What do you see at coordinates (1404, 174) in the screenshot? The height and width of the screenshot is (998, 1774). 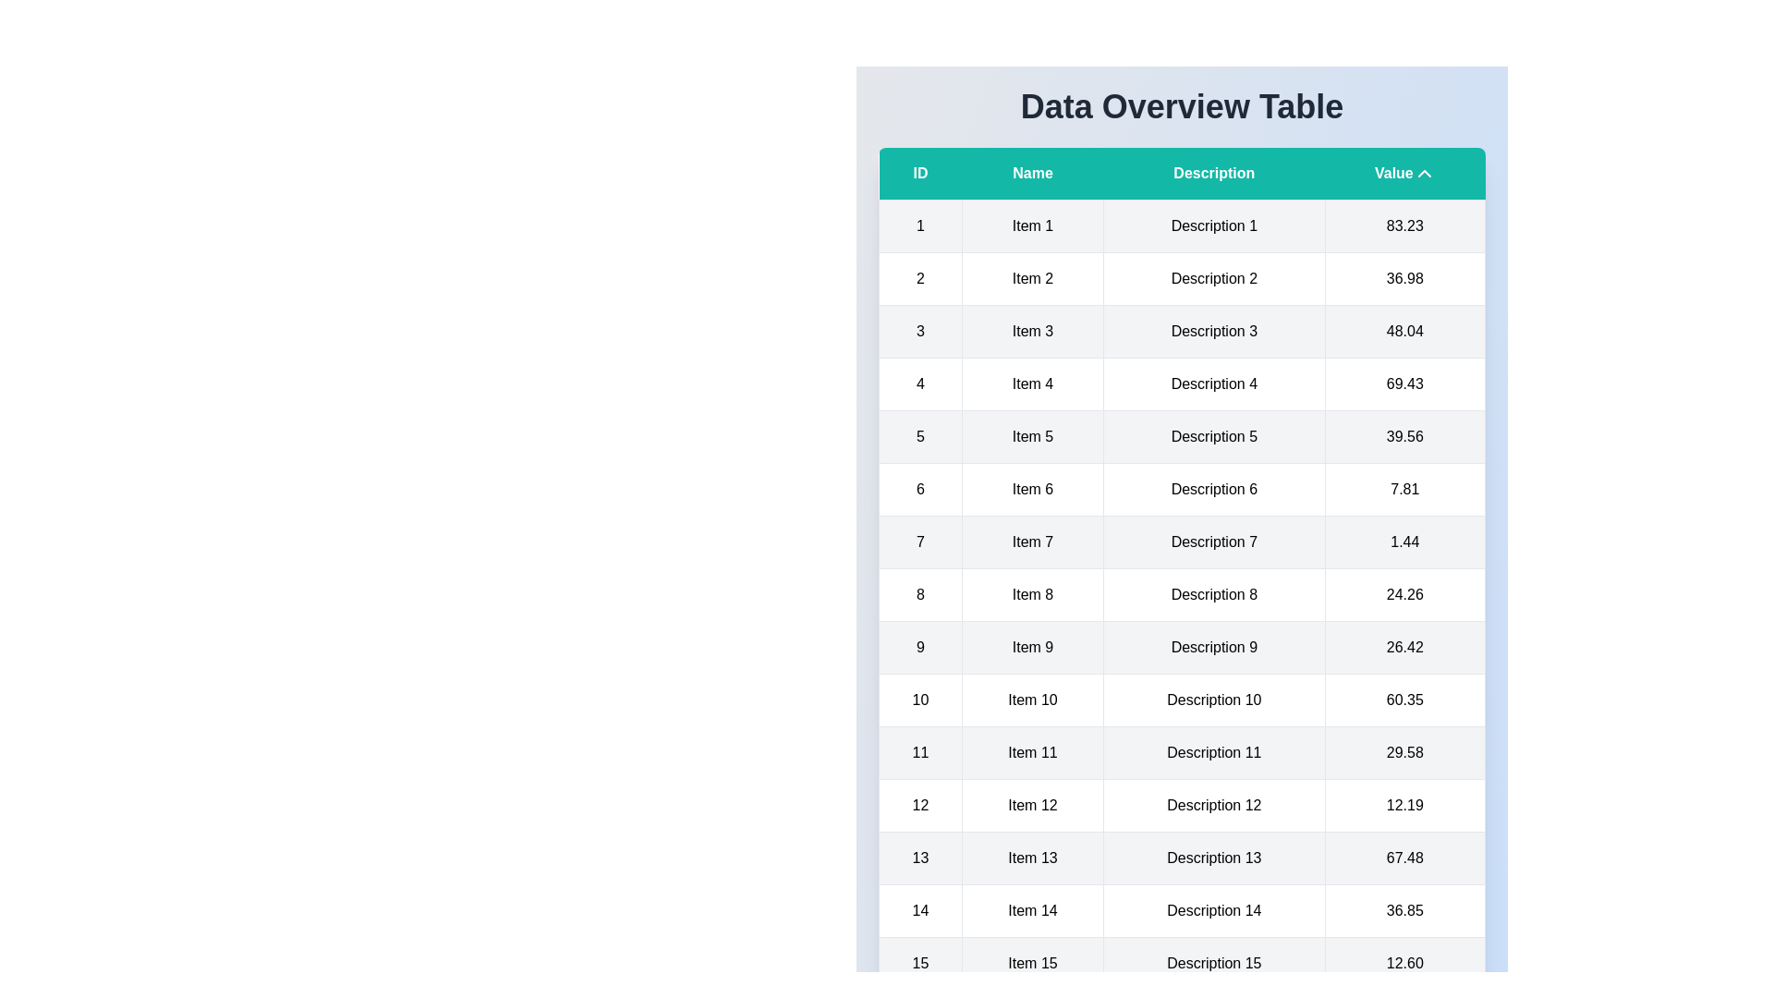 I see `the 'Value' column header to sort the table` at bounding box center [1404, 174].